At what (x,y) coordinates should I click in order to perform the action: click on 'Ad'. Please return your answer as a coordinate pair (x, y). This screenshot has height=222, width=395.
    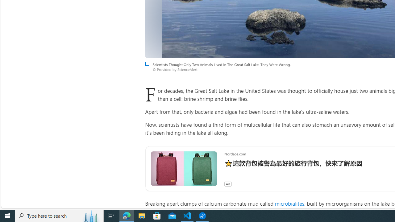
    Looking at the image, I should click on (227, 183).